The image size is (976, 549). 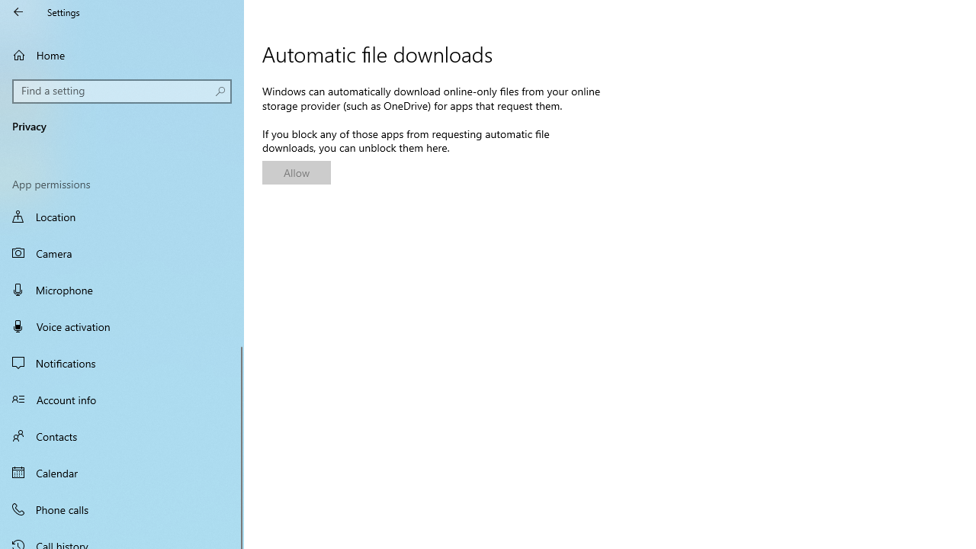 What do you see at coordinates (297, 172) in the screenshot?
I see `'Allow'` at bounding box center [297, 172].